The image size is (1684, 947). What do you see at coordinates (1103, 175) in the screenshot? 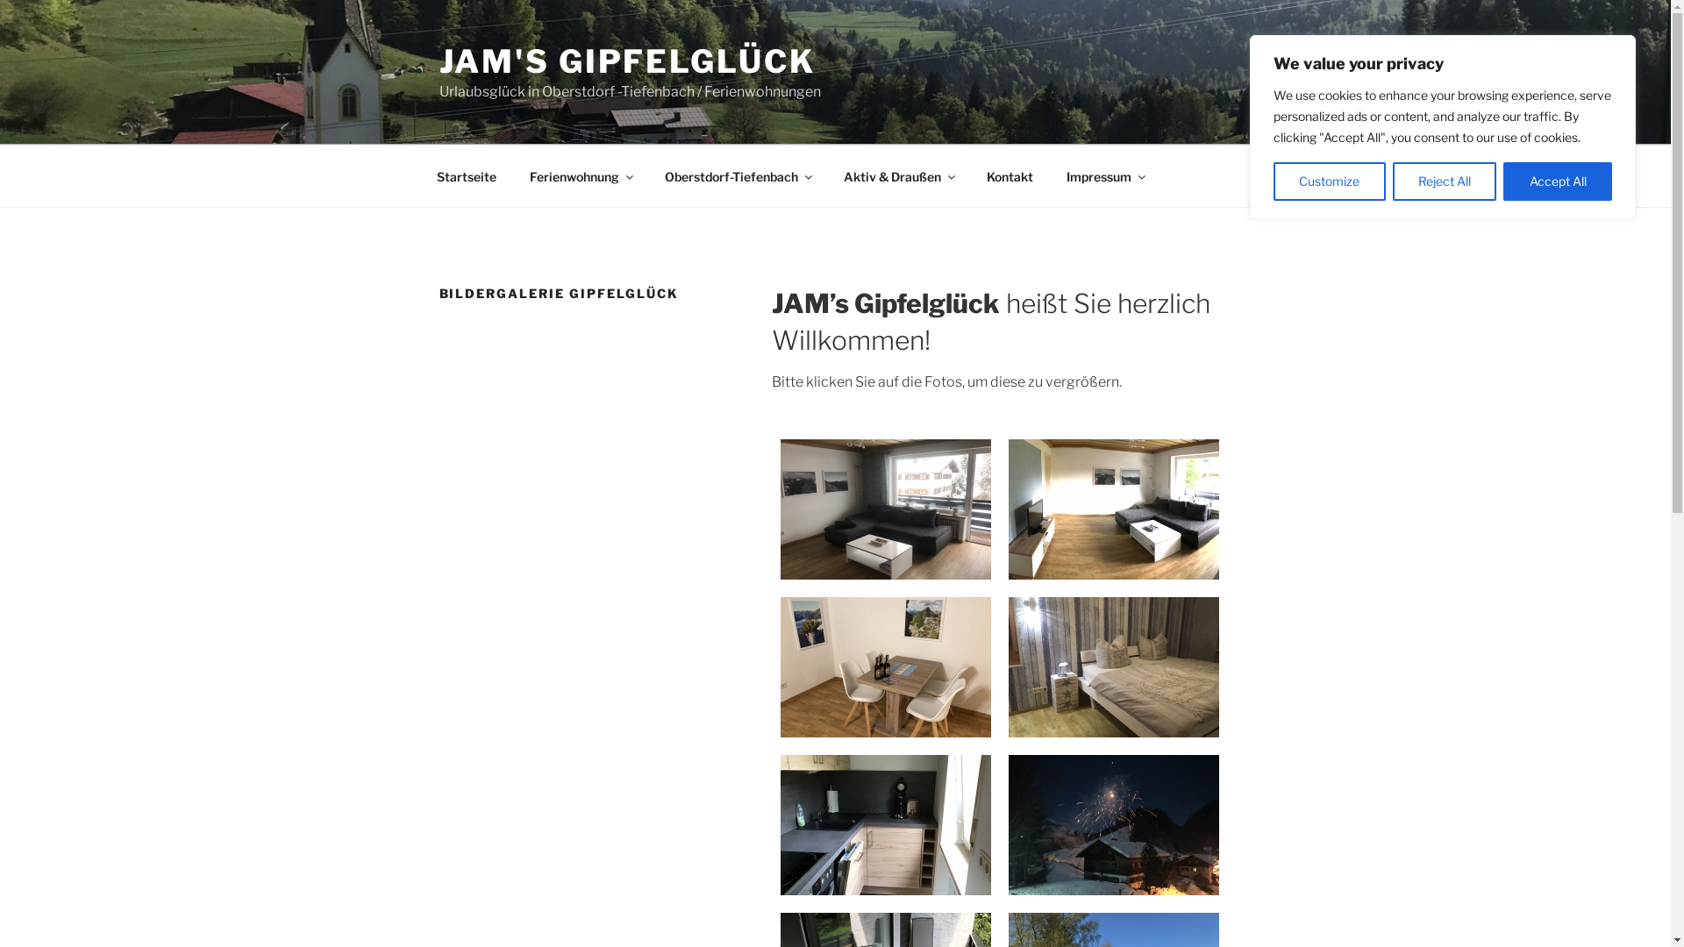
I see `'Impressum'` at bounding box center [1103, 175].